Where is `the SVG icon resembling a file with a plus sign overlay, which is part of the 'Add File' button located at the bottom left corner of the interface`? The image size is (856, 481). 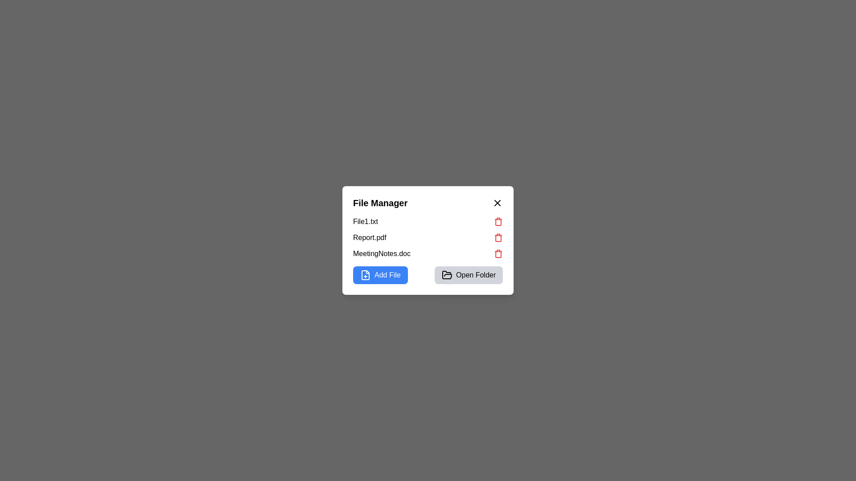 the SVG icon resembling a file with a plus sign overlay, which is part of the 'Add File' button located at the bottom left corner of the interface is located at coordinates (366, 274).